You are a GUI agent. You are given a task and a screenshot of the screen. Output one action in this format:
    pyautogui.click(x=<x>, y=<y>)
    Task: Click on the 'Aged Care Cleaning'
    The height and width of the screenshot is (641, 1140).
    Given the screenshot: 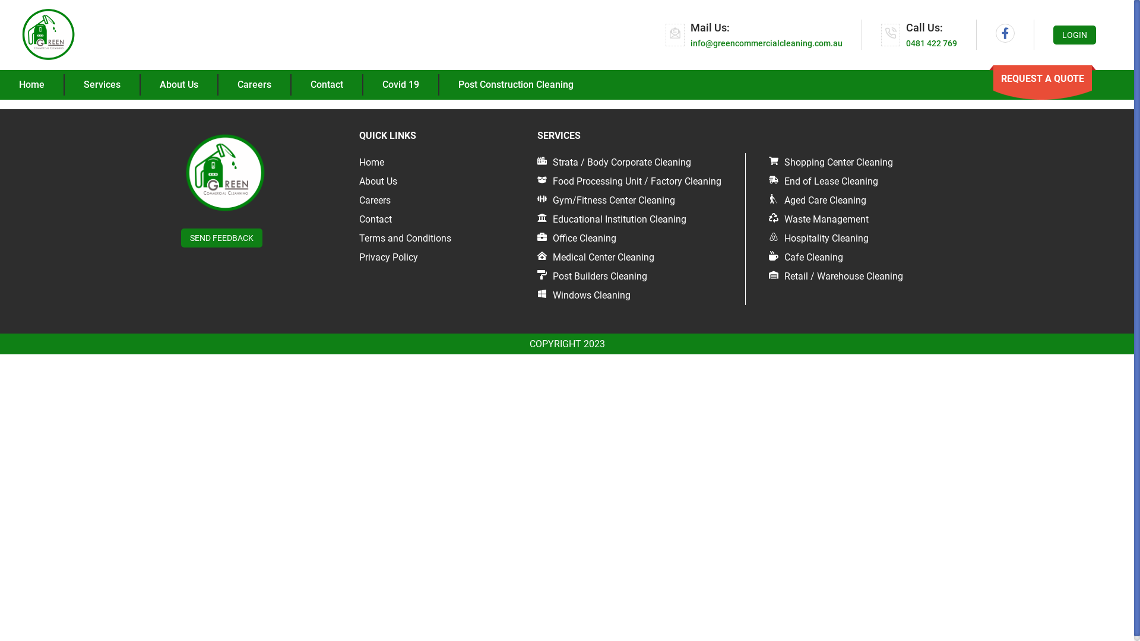 What is the action you would take?
    pyautogui.click(x=817, y=199)
    